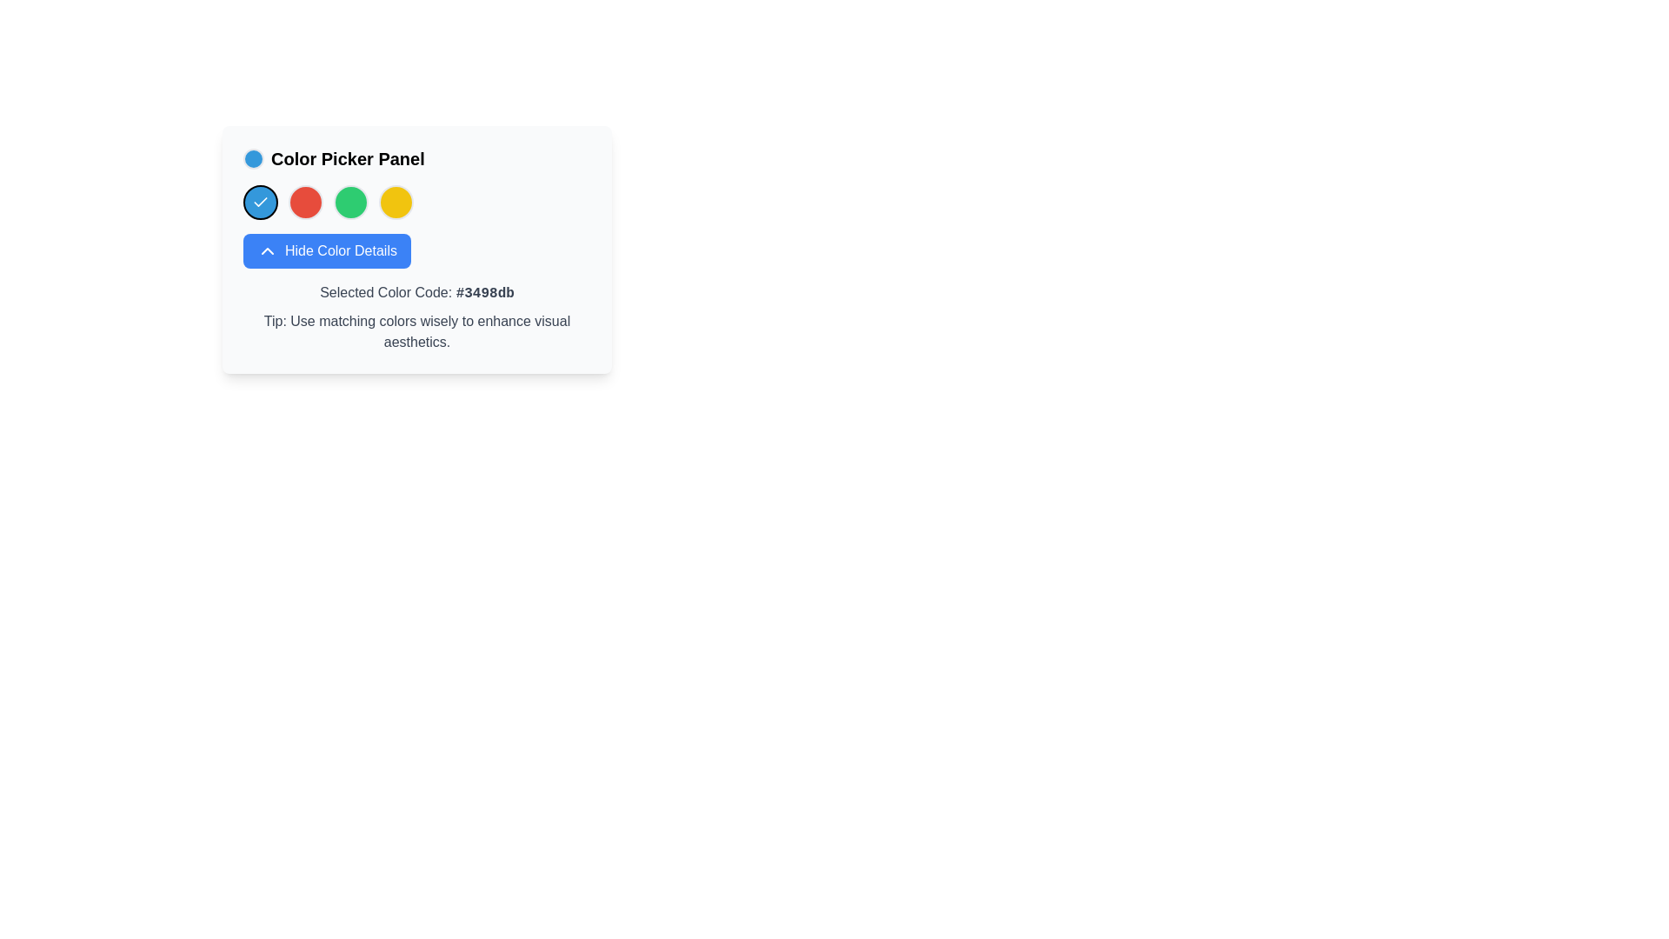  What do you see at coordinates (259, 200) in the screenshot?
I see `the SVG checkmark indicating the selected state for the blue color option in the color picker panel` at bounding box center [259, 200].